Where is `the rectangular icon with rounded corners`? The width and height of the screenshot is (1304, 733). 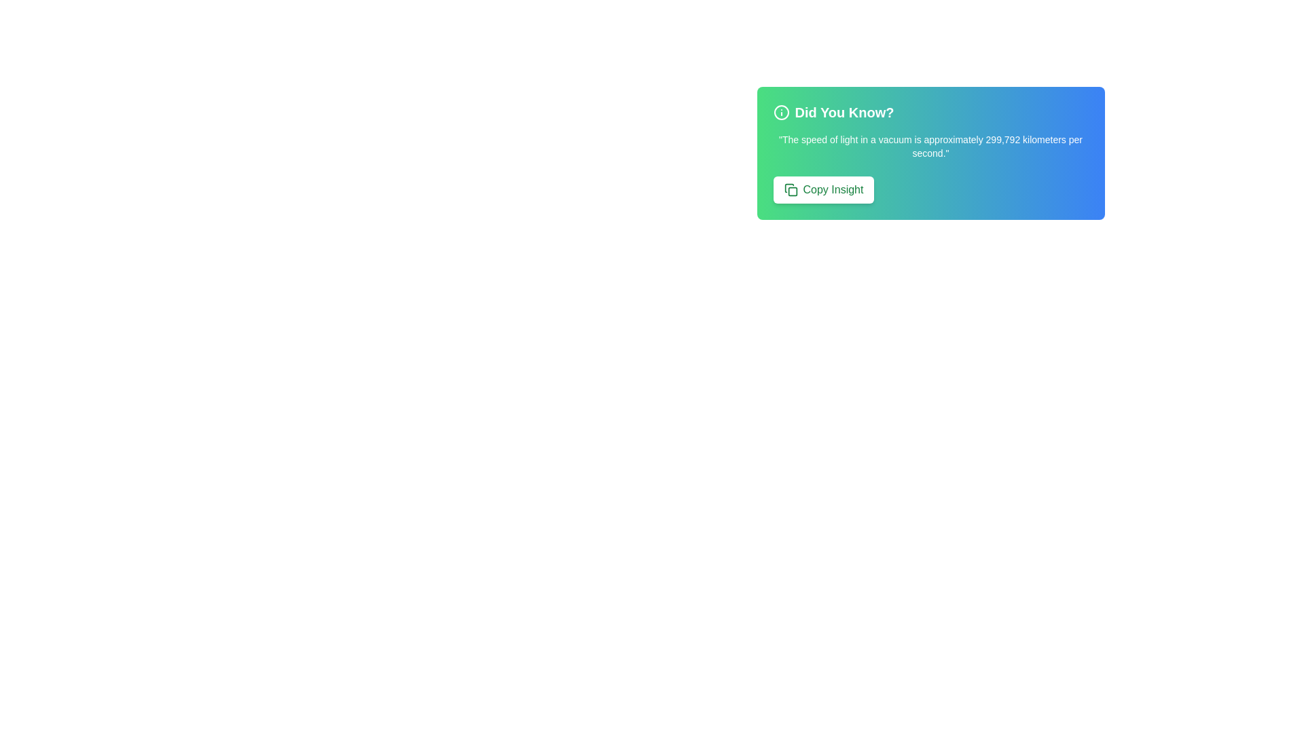
the rectangular icon with rounded corners is located at coordinates (792, 191).